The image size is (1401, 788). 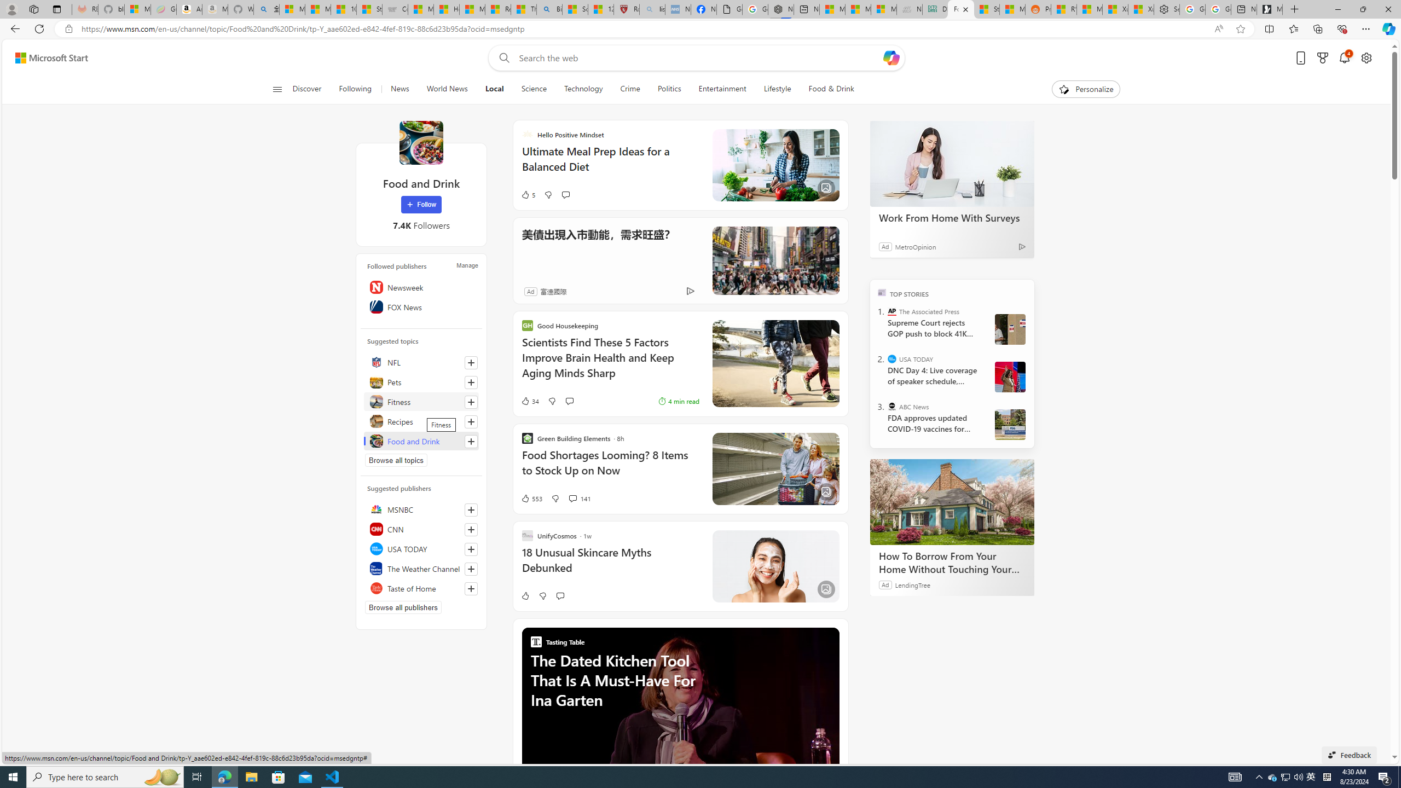 I want to click on 'Google Analytics Opt-out Browser Add-on Download Page', so click(x=729, y=9).